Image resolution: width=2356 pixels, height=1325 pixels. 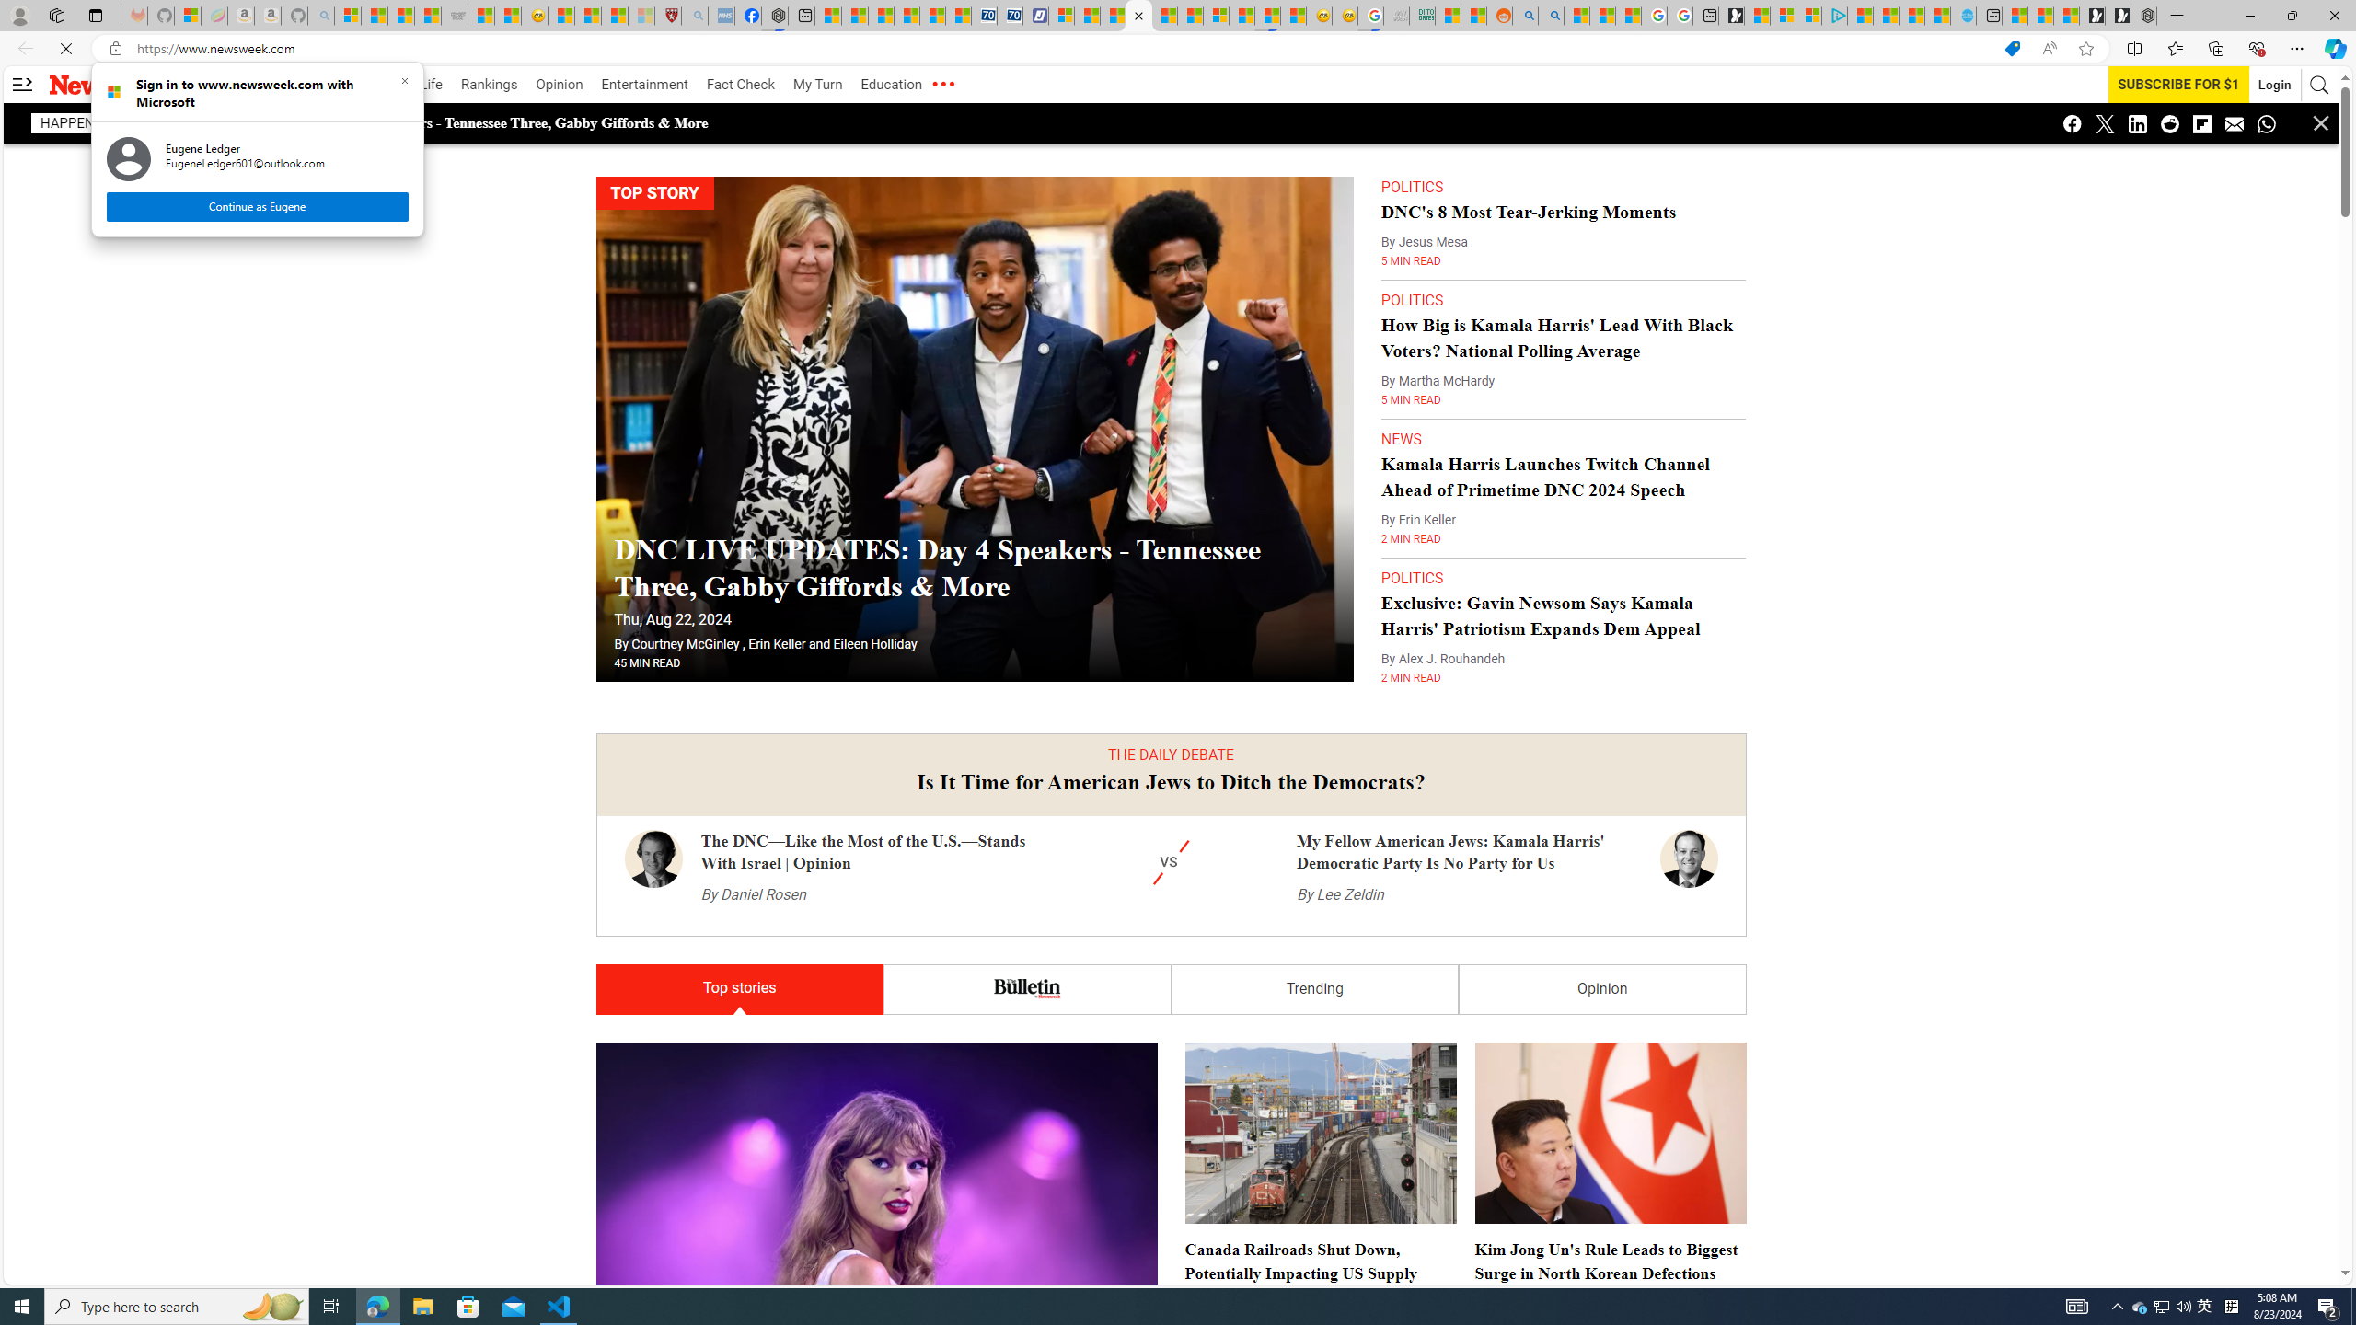 What do you see at coordinates (615, 15) in the screenshot?
I see `'Science - MSN'` at bounding box center [615, 15].